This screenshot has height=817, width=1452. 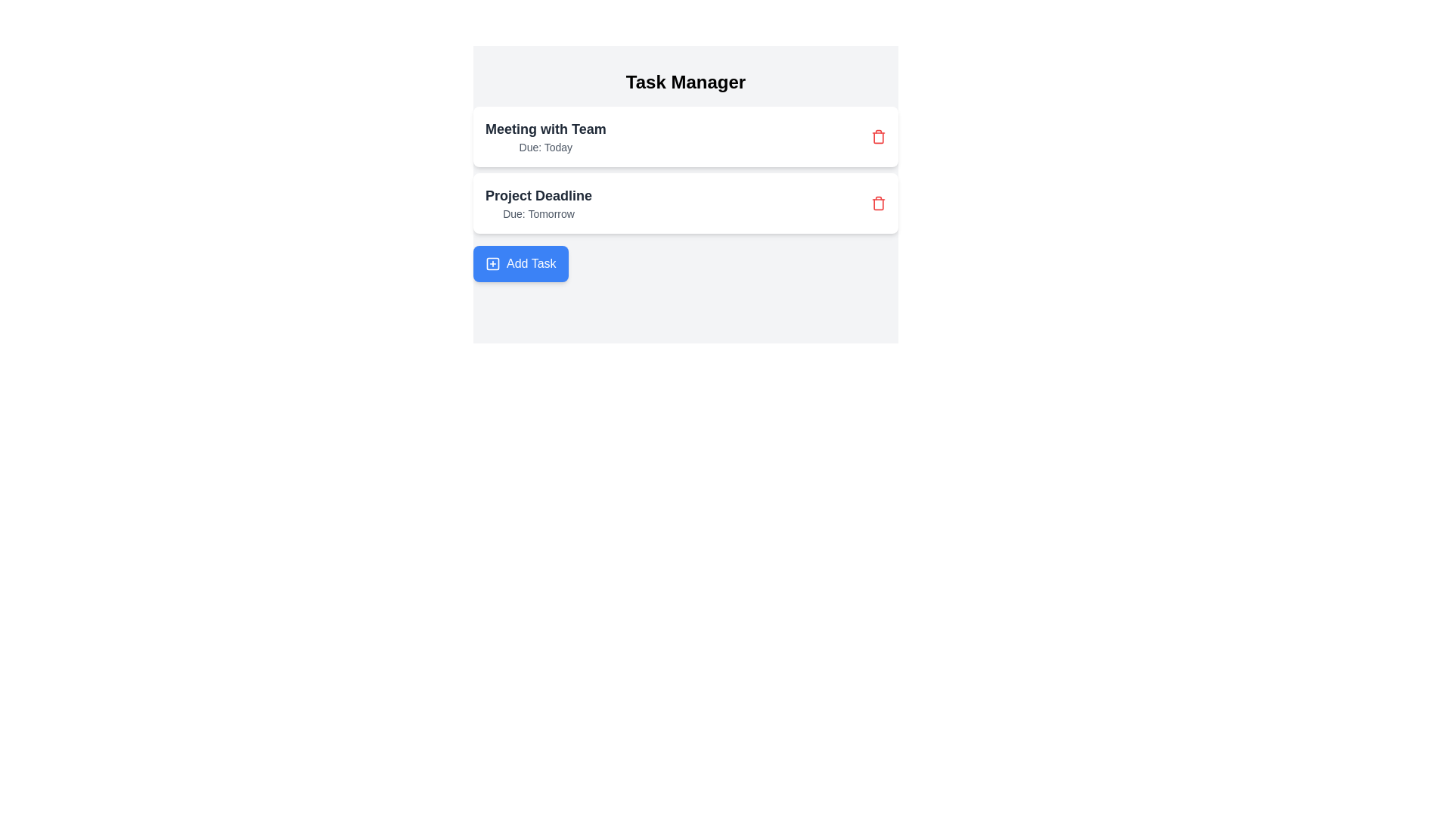 I want to click on the static text element displaying the project deadline 'Tomorrow', which is positioned below the 'Project Deadline' text in the task management interface, so click(x=538, y=213).